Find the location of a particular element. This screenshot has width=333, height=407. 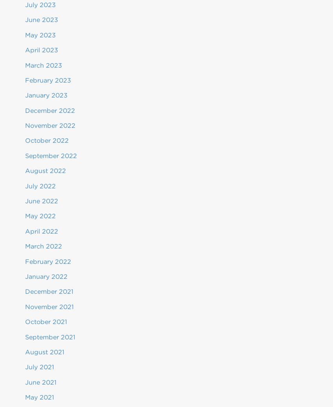

'September 2022' is located at coordinates (50, 155).